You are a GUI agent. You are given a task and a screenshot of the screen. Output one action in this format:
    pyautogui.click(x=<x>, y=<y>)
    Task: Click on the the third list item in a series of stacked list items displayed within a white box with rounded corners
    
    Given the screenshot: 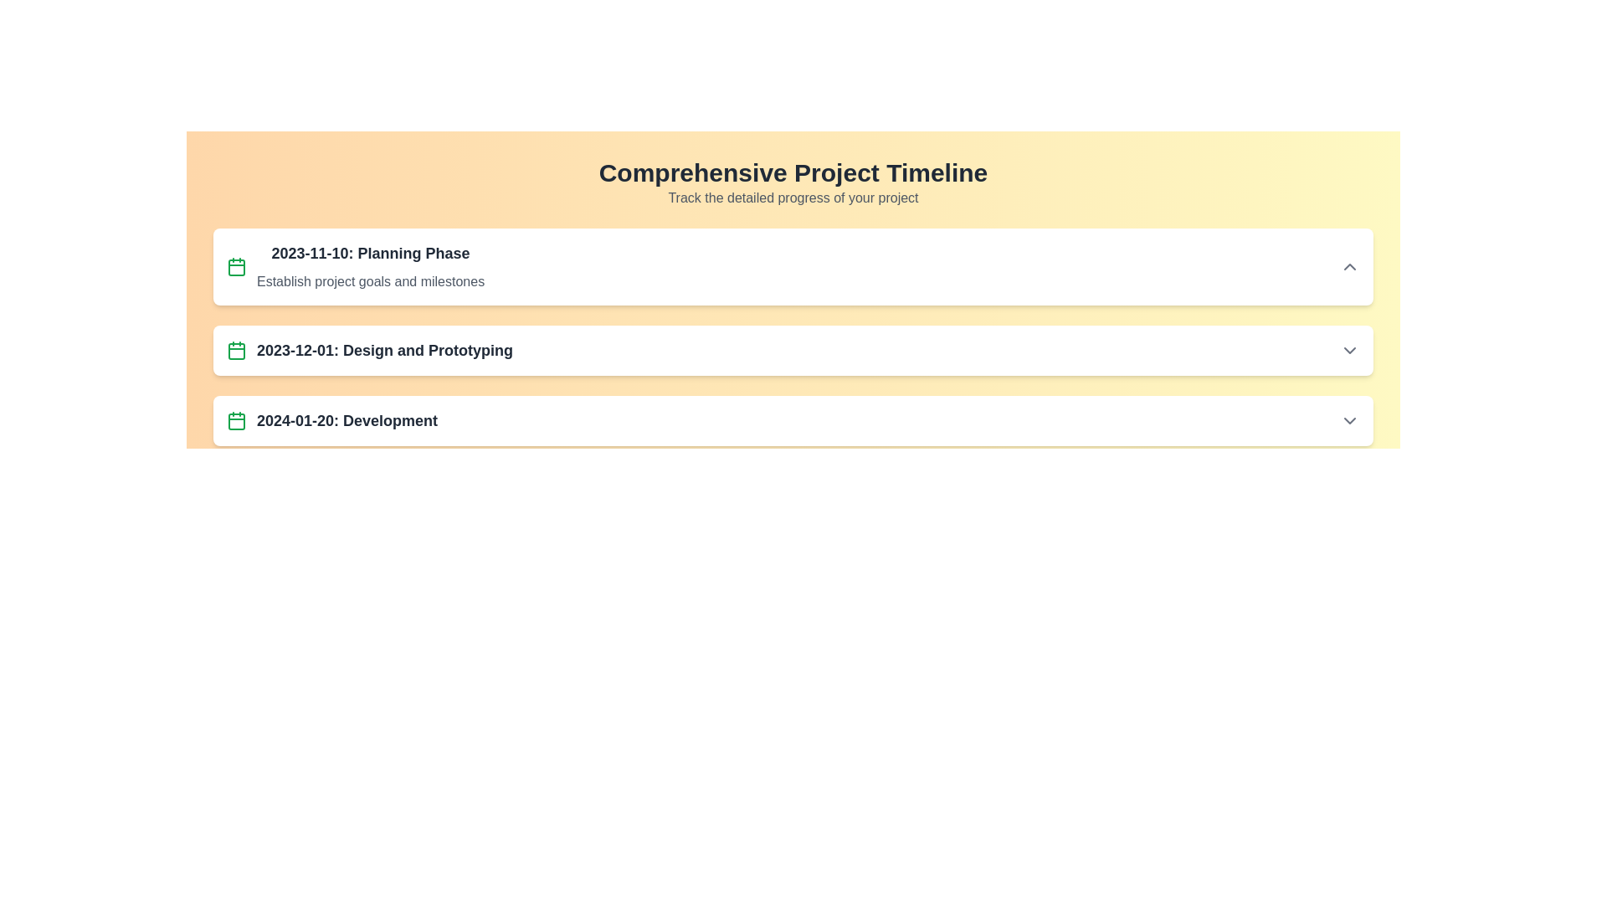 What is the action you would take?
    pyautogui.click(x=793, y=419)
    